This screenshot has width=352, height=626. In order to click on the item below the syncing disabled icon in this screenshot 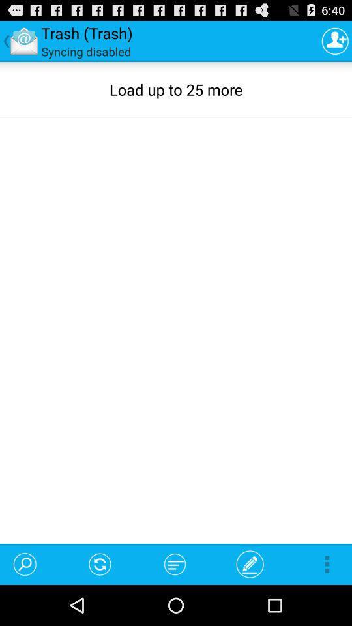, I will do `click(31, 563)`.